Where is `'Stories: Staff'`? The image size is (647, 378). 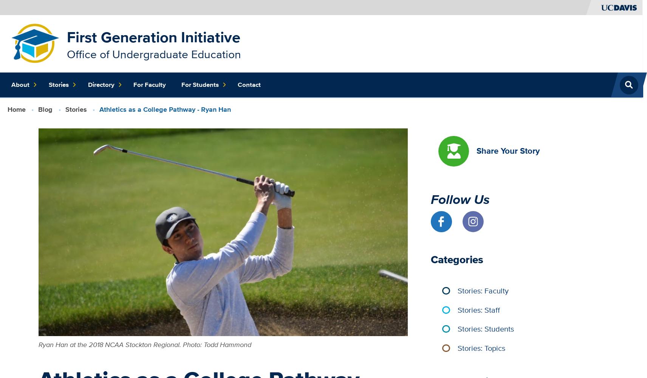
'Stories: Staff' is located at coordinates (457, 309).